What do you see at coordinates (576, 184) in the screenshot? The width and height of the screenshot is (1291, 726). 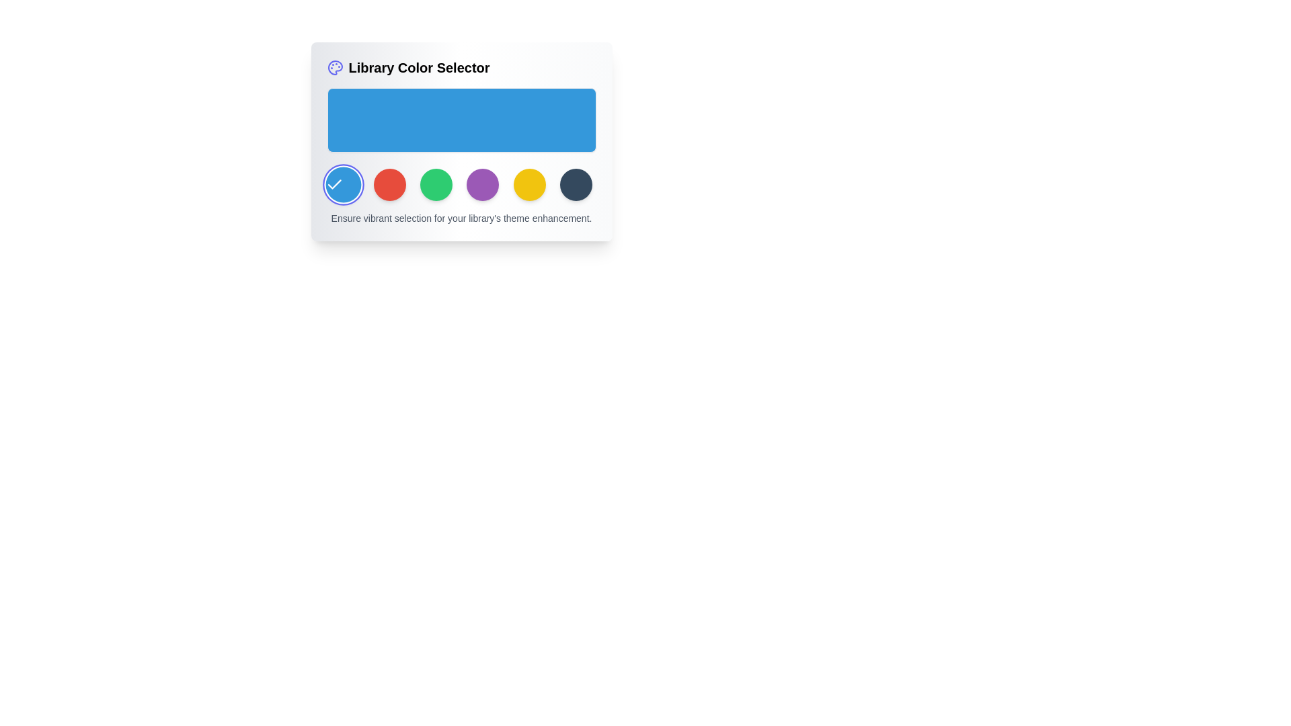 I see `the circular button with a dark blue background located at the far right of a grid of six buttons` at bounding box center [576, 184].